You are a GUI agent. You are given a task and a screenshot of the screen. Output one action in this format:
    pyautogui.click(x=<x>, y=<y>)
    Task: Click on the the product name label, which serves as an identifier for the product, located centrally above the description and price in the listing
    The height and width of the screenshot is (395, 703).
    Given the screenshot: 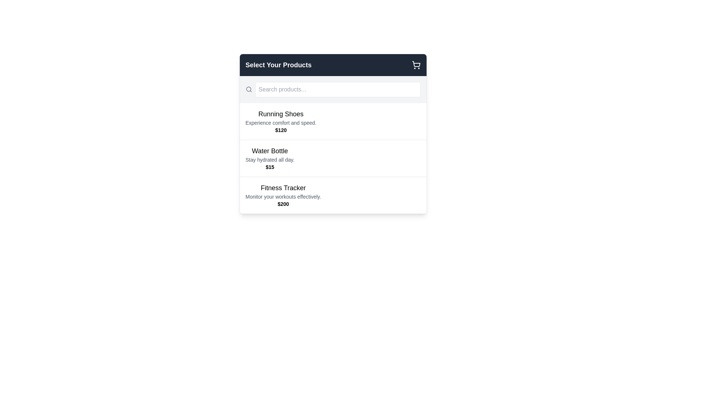 What is the action you would take?
    pyautogui.click(x=269, y=150)
    